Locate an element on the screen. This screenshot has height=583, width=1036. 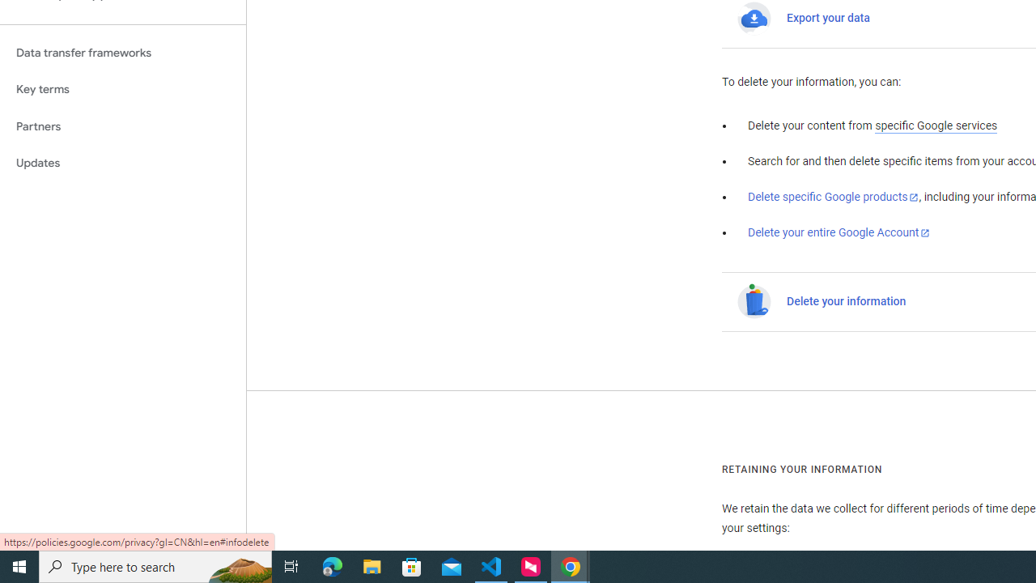
'Delete your entire Google Account' is located at coordinates (839, 233).